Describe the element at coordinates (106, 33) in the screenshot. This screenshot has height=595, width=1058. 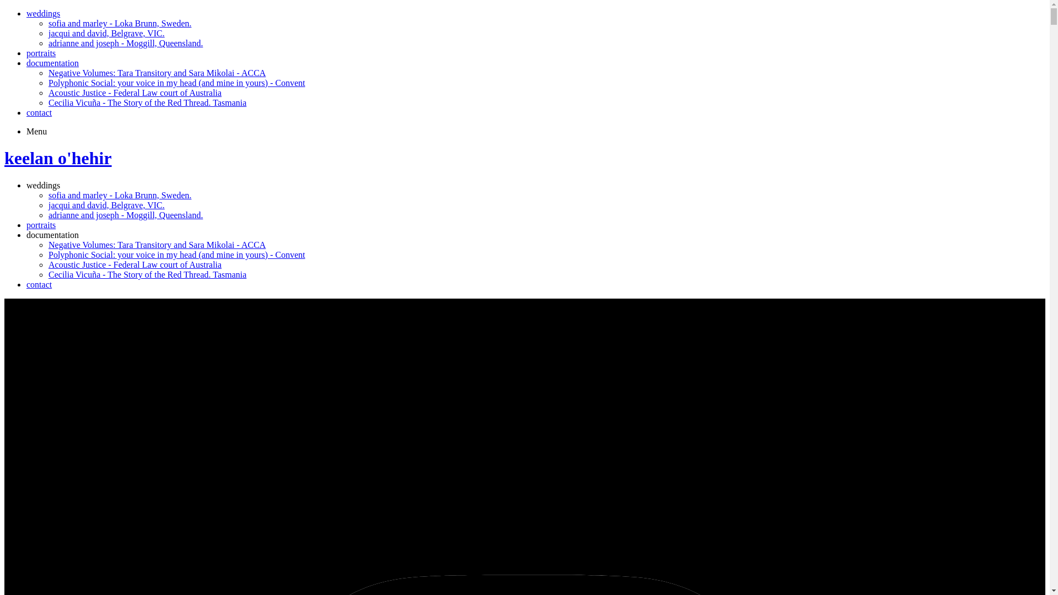
I see `'jacqui and david, Belgrave, VIC.'` at that location.